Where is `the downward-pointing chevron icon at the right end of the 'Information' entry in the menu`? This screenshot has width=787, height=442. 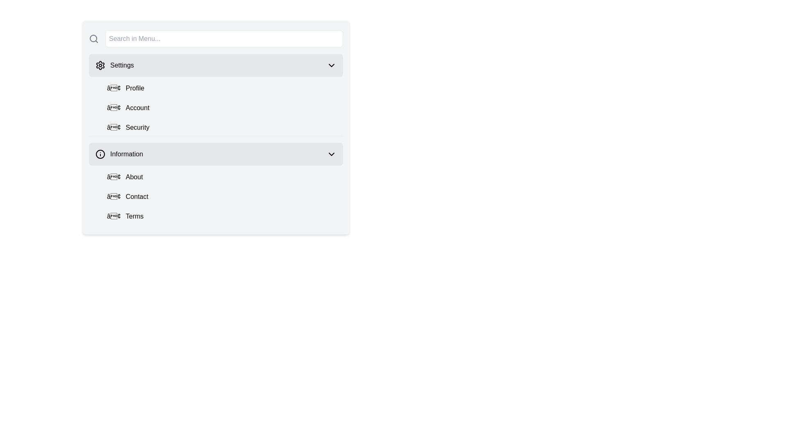 the downward-pointing chevron icon at the right end of the 'Information' entry in the menu is located at coordinates (332, 154).